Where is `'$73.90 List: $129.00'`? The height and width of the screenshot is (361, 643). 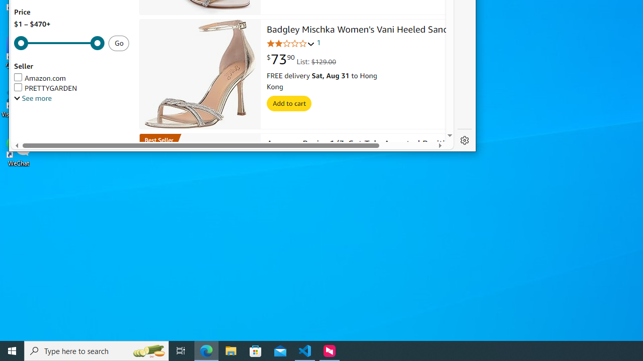 '$73.90 List: $129.00' is located at coordinates (301, 59).